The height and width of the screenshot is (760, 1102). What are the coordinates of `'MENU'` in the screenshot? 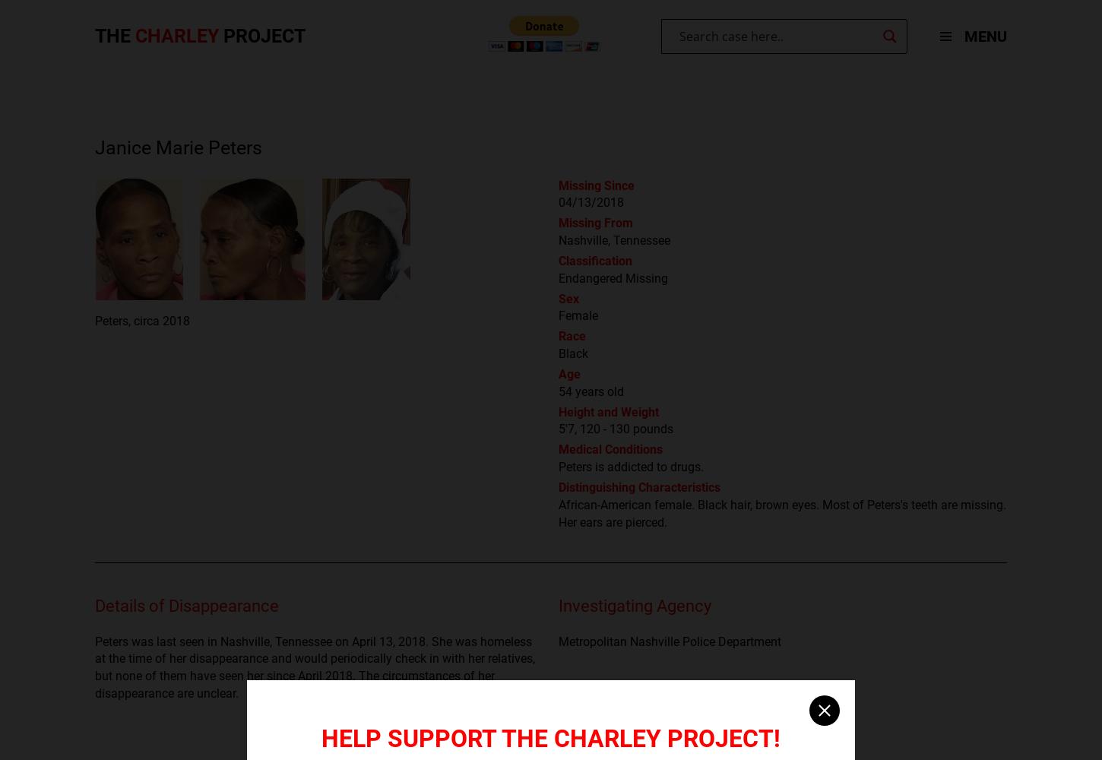 It's located at (986, 36).